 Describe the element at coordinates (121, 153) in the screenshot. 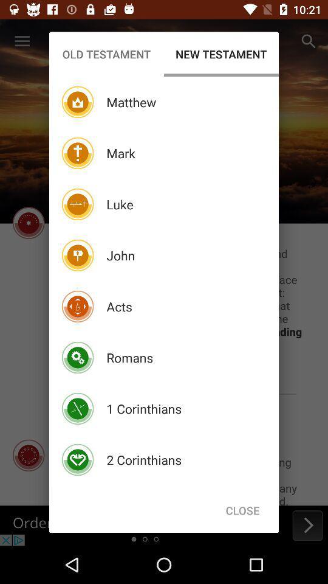

I see `the mark item` at that location.